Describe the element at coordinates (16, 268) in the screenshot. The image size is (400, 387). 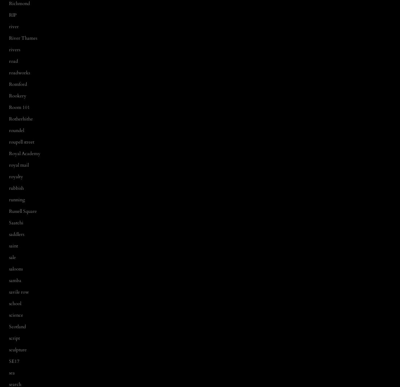
I see `'saloons'` at that location.